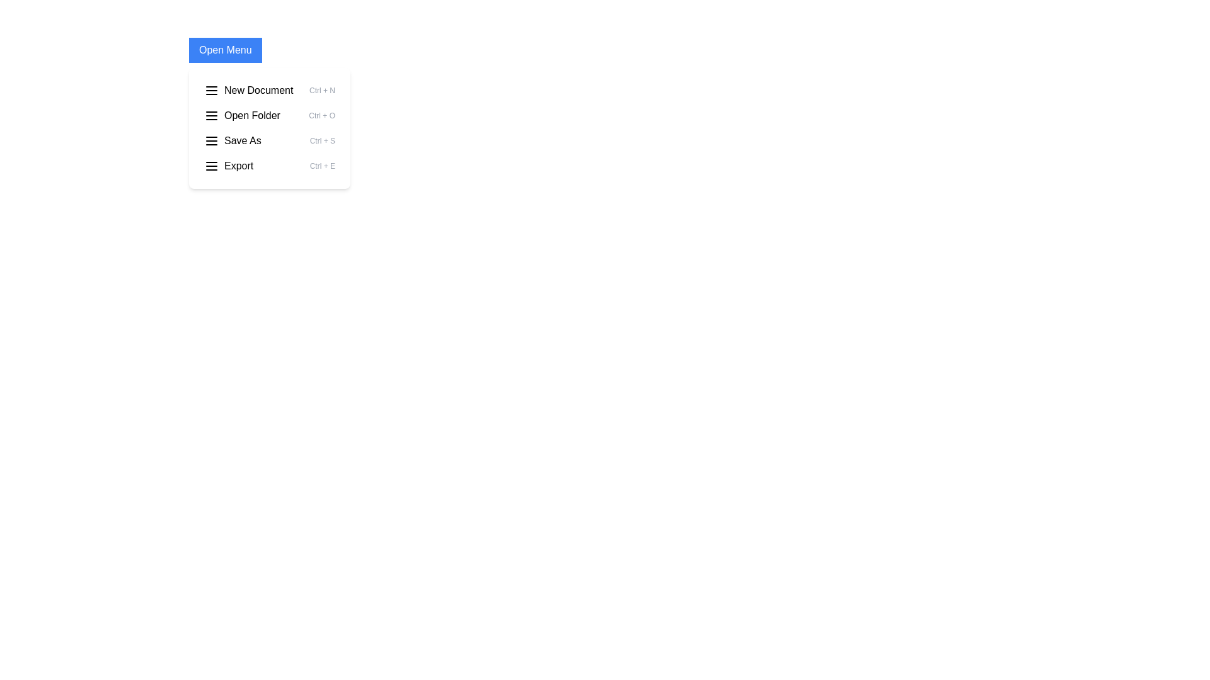  I want to click on the 'Save As' text label in the menu list, which is the third item positioned below 'Open Folder' and above 'Export', so click(243, 140).